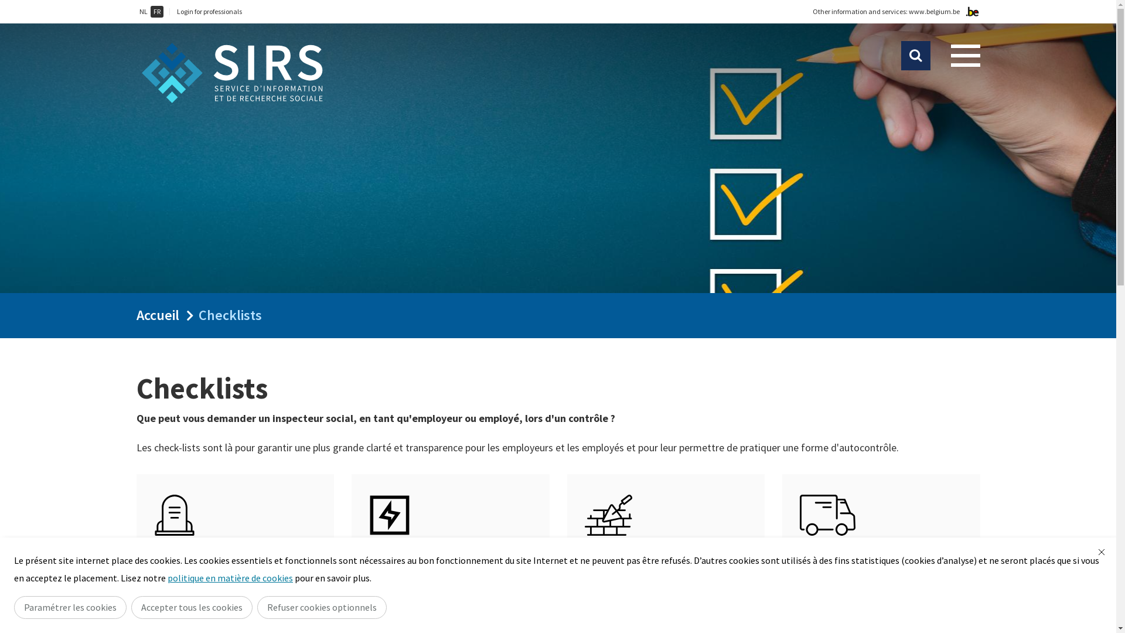  I want to click on 'Accepter tous les cookies', so click(192, 607).